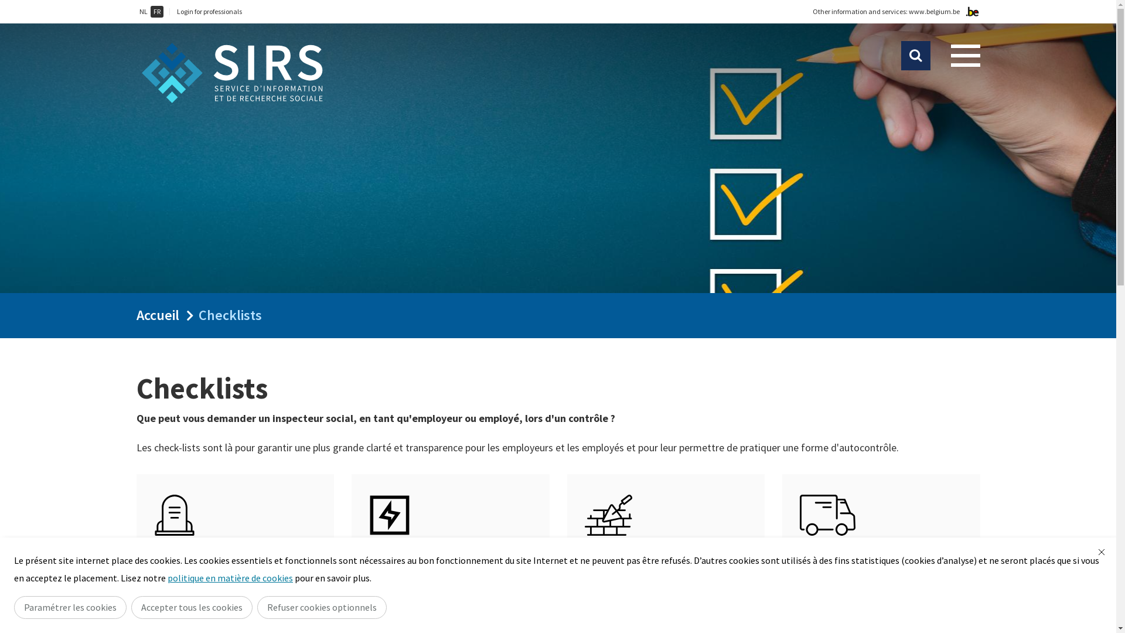  I want to click on 'Accepter tous les cookies', so click(192, 607).